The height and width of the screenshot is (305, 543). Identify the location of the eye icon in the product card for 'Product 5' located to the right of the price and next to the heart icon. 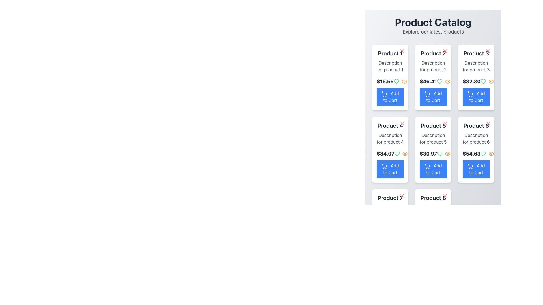
(447, 154).